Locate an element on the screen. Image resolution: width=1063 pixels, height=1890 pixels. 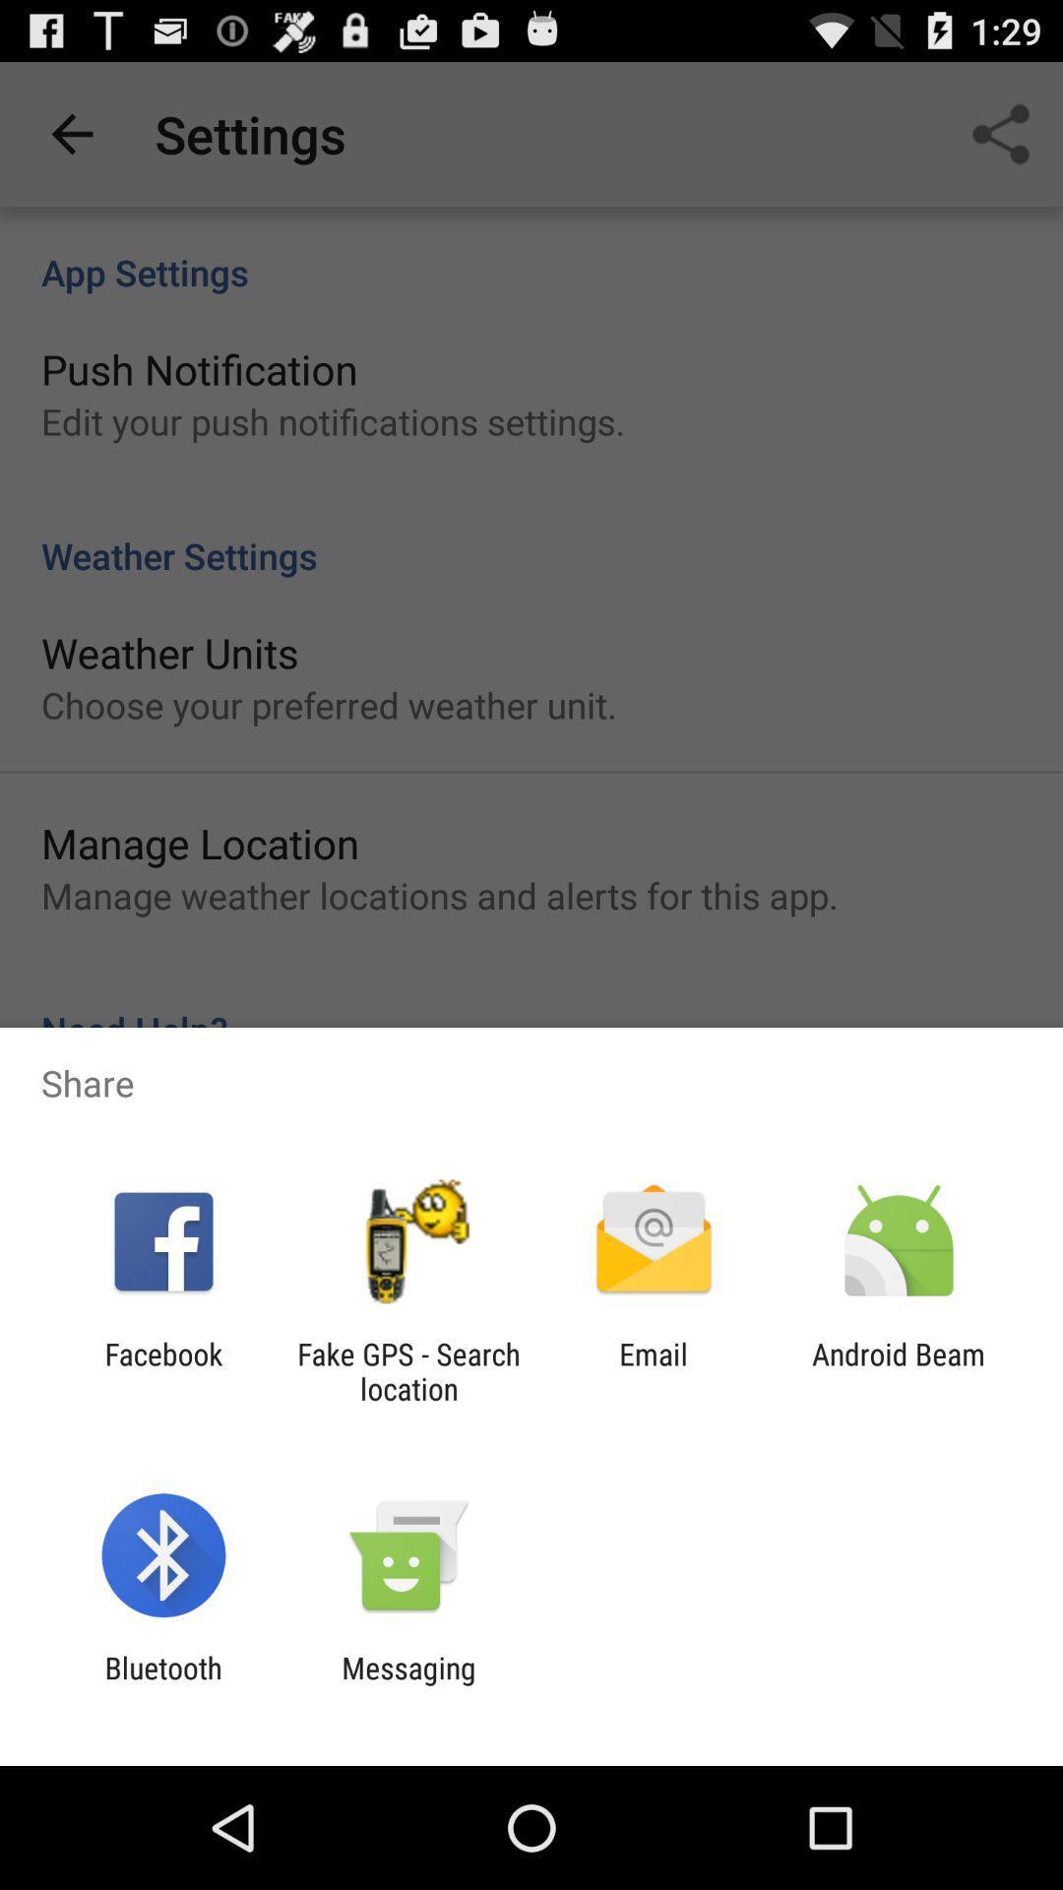
the item next to the messaging item is located at coordinates (162, 1684).